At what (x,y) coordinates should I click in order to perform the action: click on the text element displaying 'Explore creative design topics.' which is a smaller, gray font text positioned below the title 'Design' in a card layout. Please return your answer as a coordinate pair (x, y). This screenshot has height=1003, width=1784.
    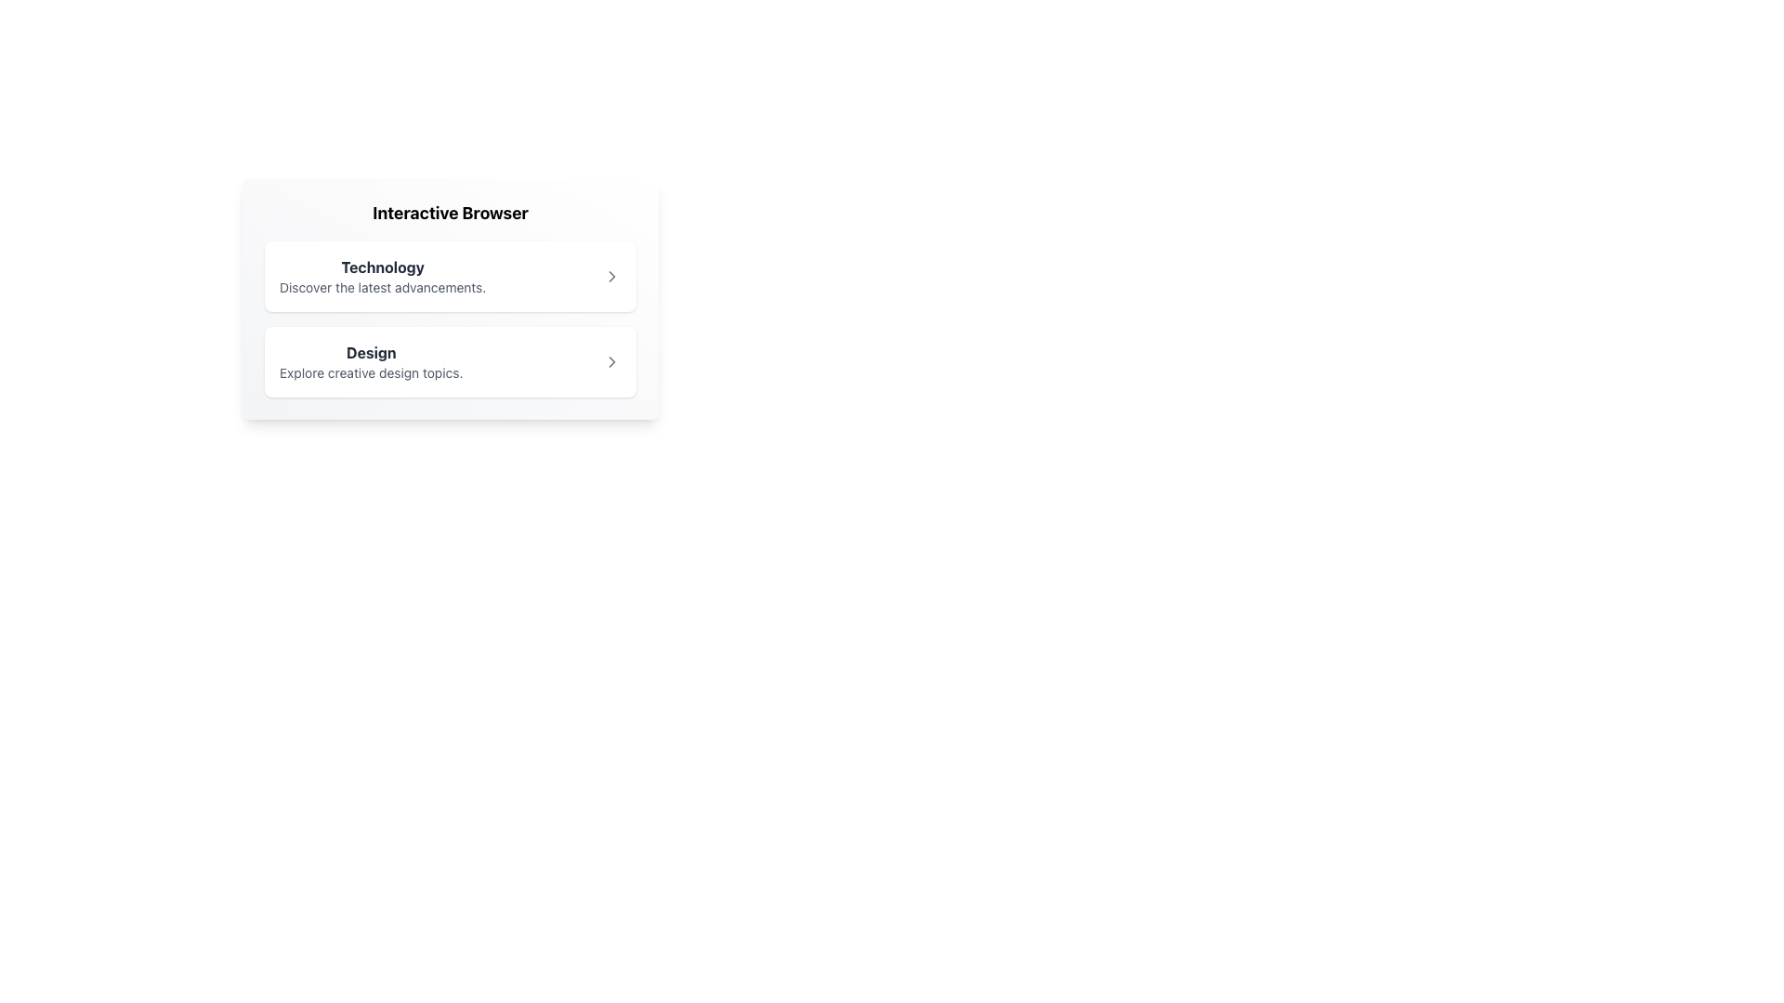
    Looking at the image, I should click on (371, 372).